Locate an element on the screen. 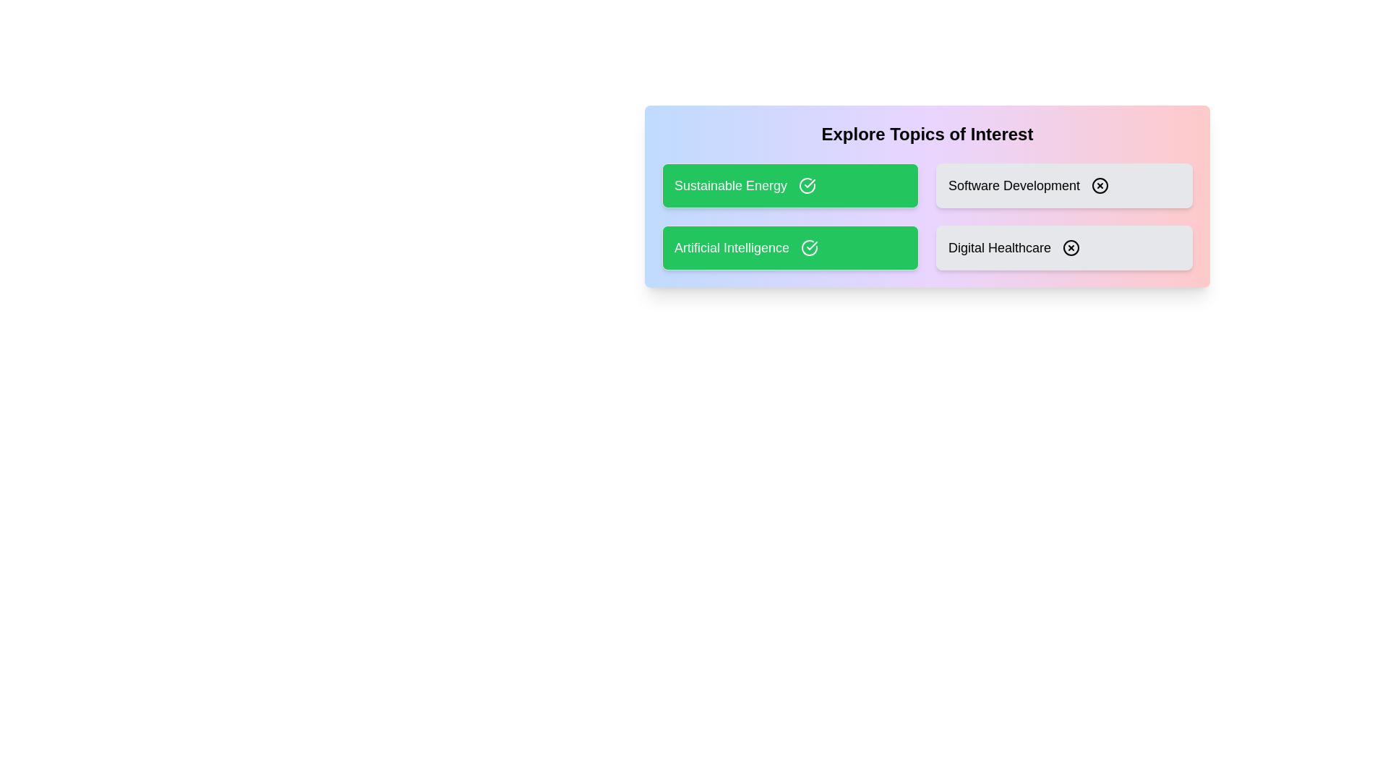  the topic card labeled Software Development to toggle its selection state is located at coordinates (1064, 185).